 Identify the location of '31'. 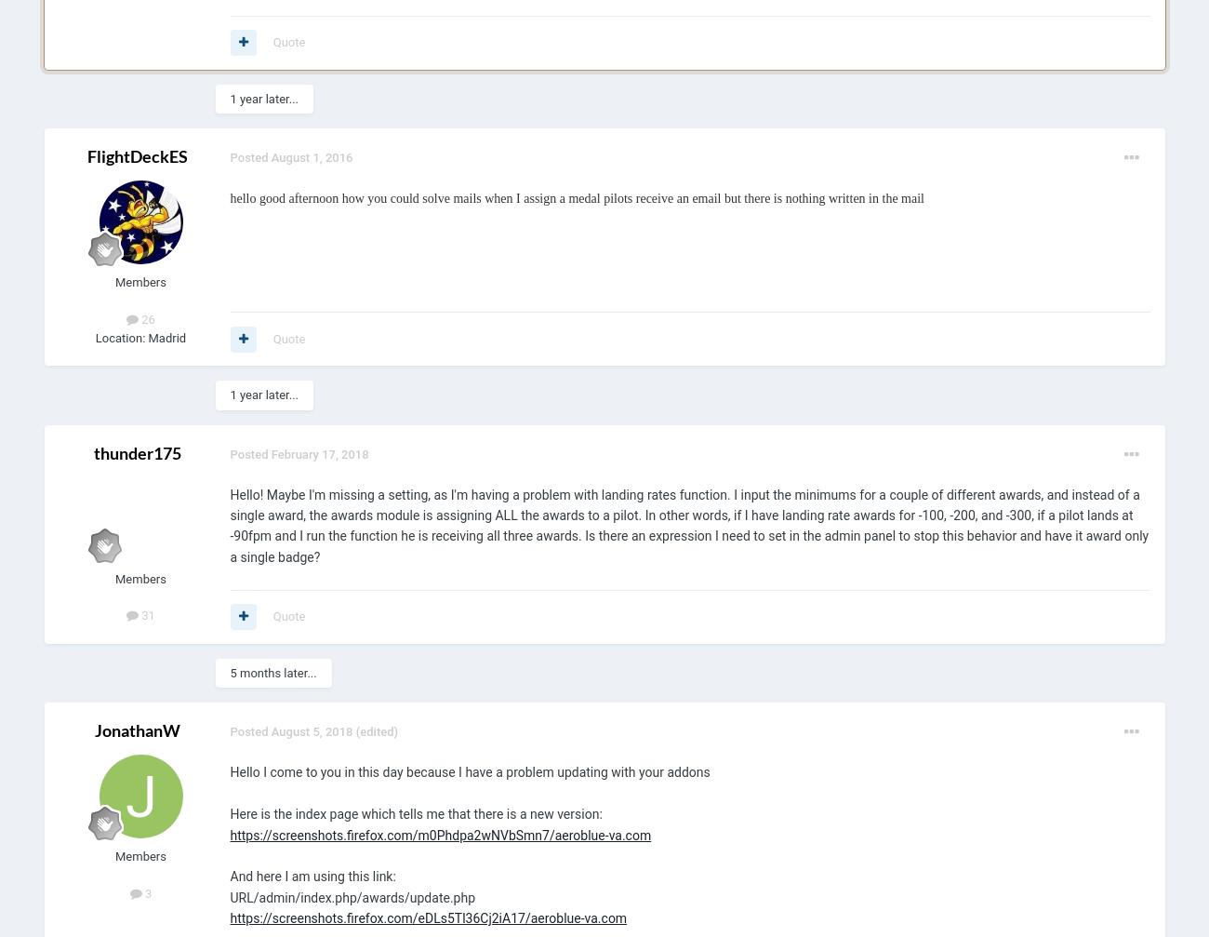
(145, 614).